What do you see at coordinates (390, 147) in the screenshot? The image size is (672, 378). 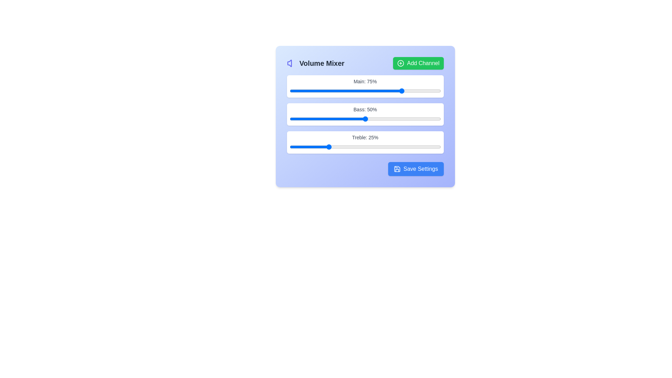 I see `treble` at bounding box center [390, 147].